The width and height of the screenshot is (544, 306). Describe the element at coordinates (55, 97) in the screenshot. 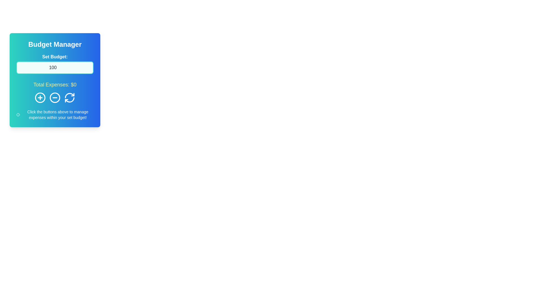

I see `the middle circular icon button with a minus sign, located on a blue background in the 'Budget Manager' card` at that location.